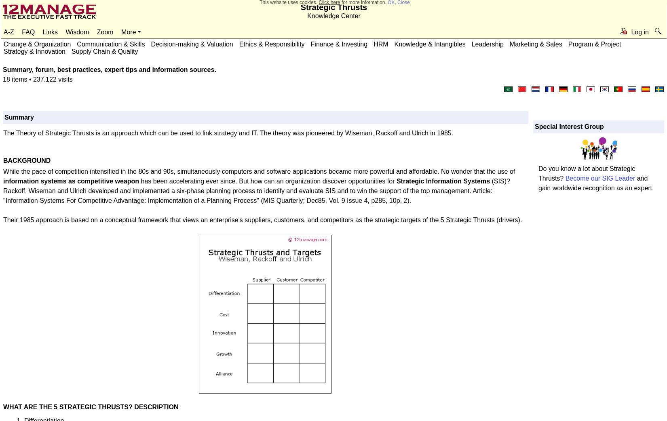 The image size is (667, 421). What do you see at coordinates (595, 183) in the screenshot?
I see `'and gain worldwide recognition as an expert.'` at bounding box center [595, 183].